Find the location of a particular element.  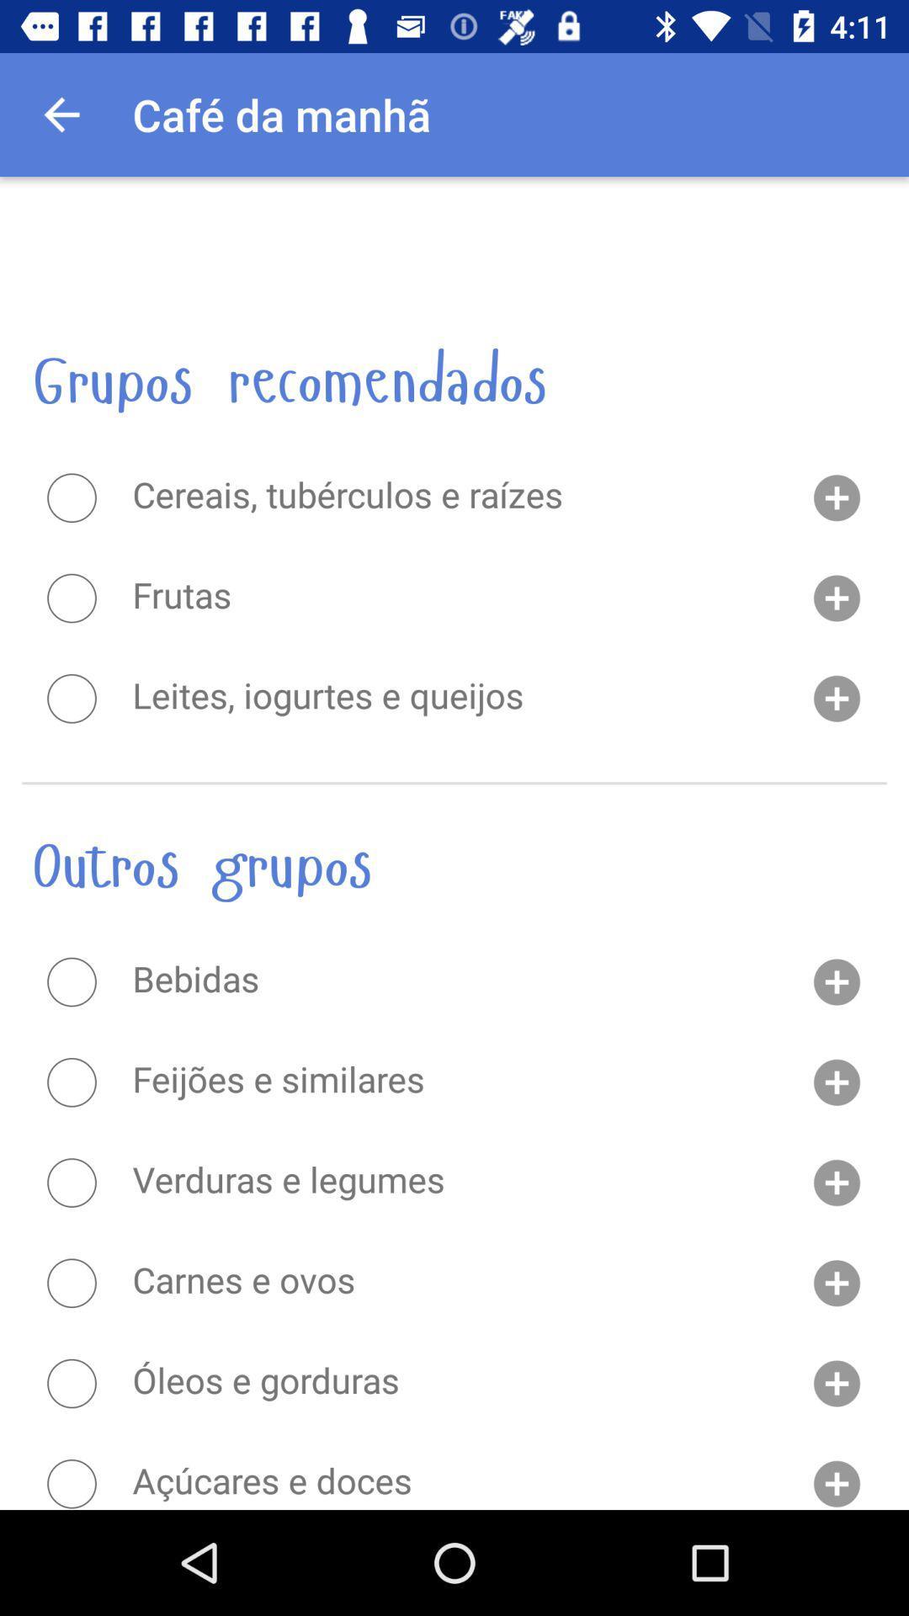

this item is located at coordinates (71, 1082).